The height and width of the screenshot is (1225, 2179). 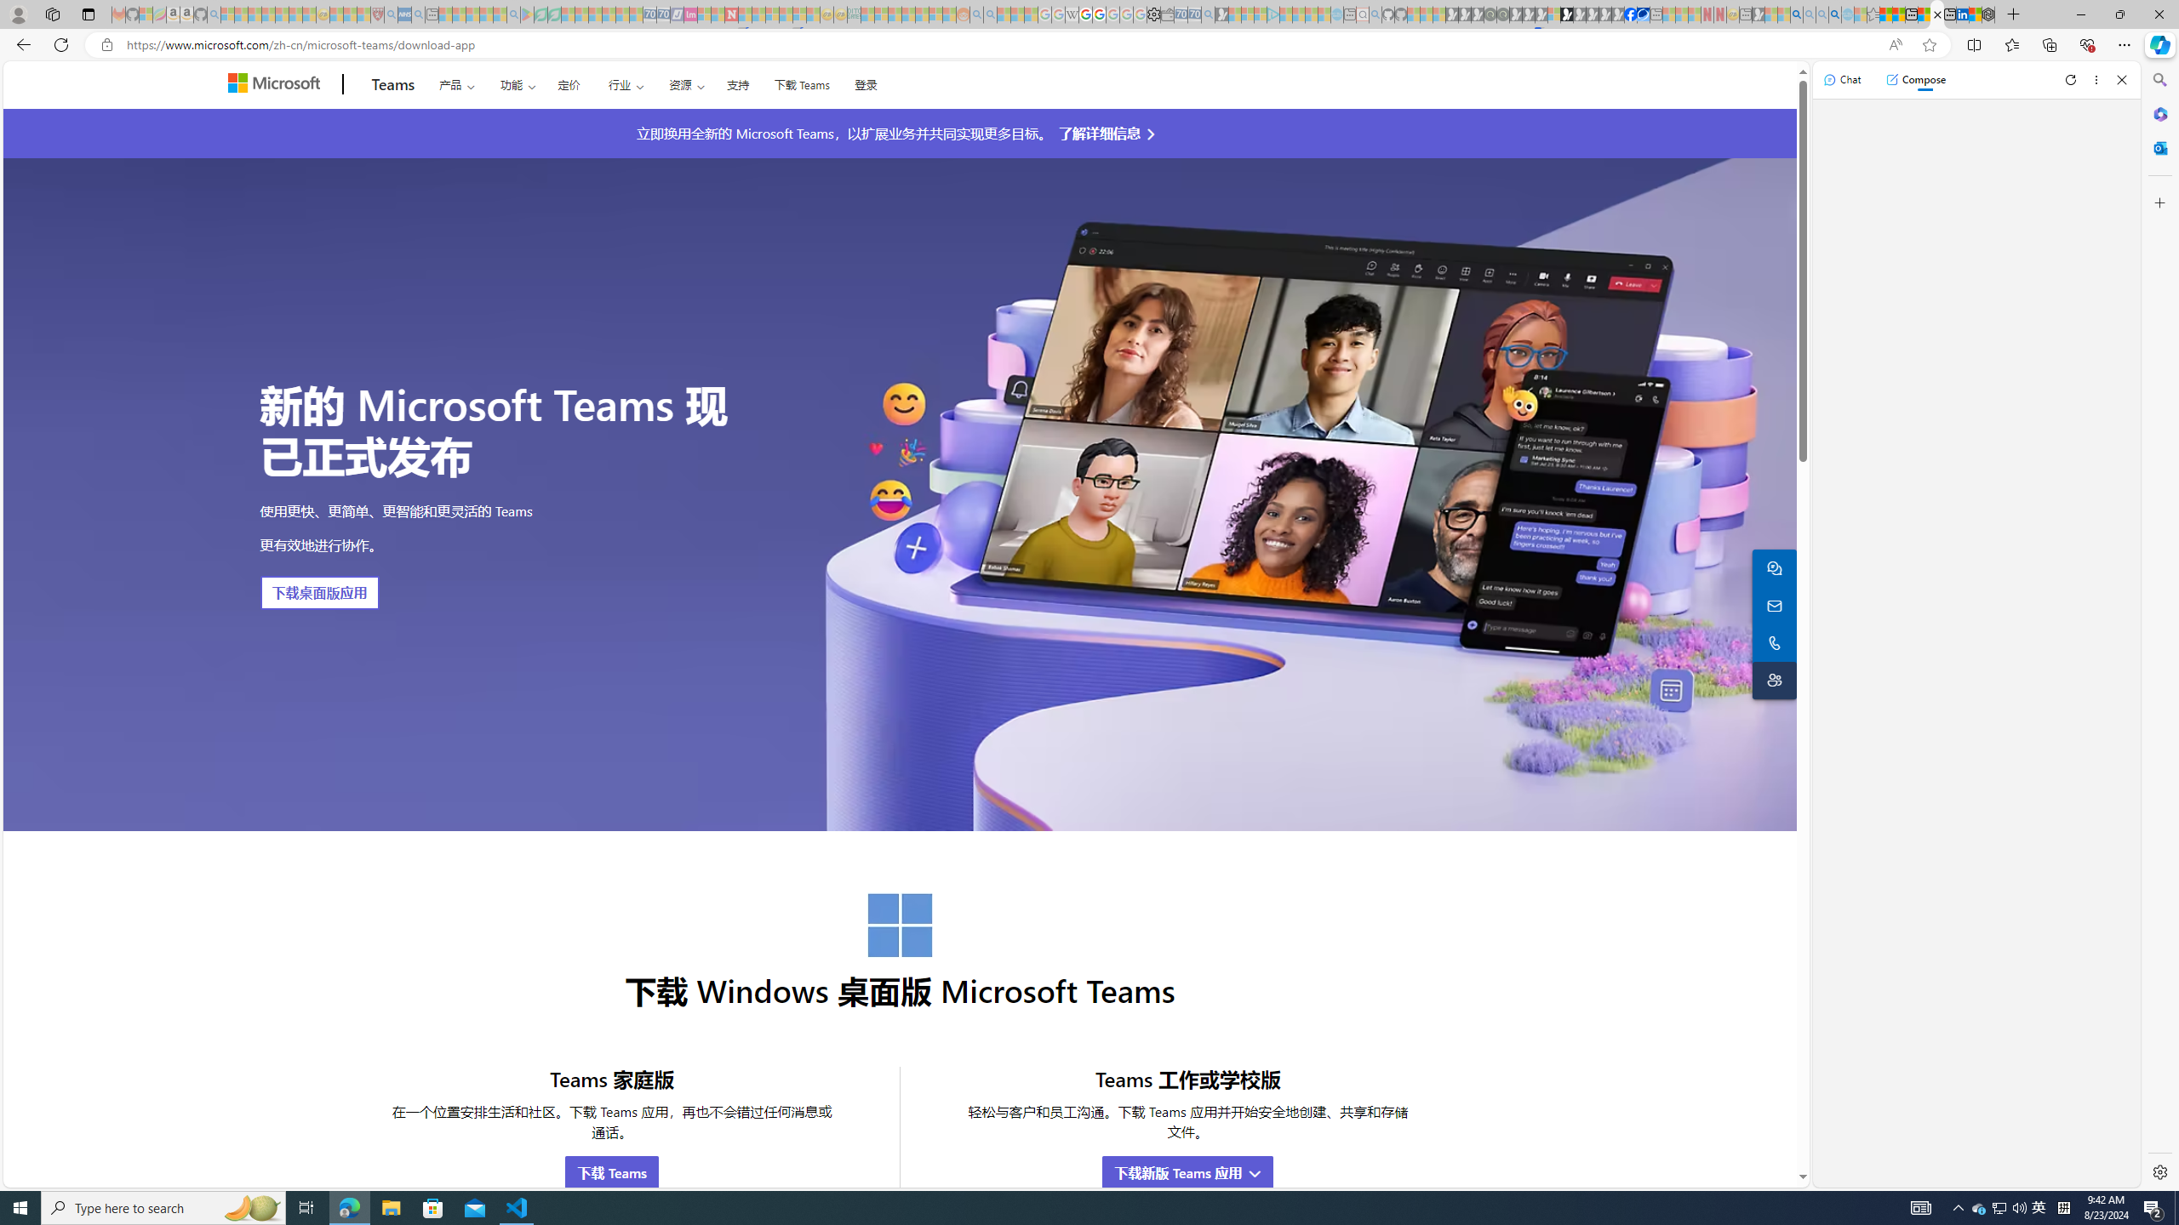 I want to click on 'Compose', so click(x=1915, y=78).